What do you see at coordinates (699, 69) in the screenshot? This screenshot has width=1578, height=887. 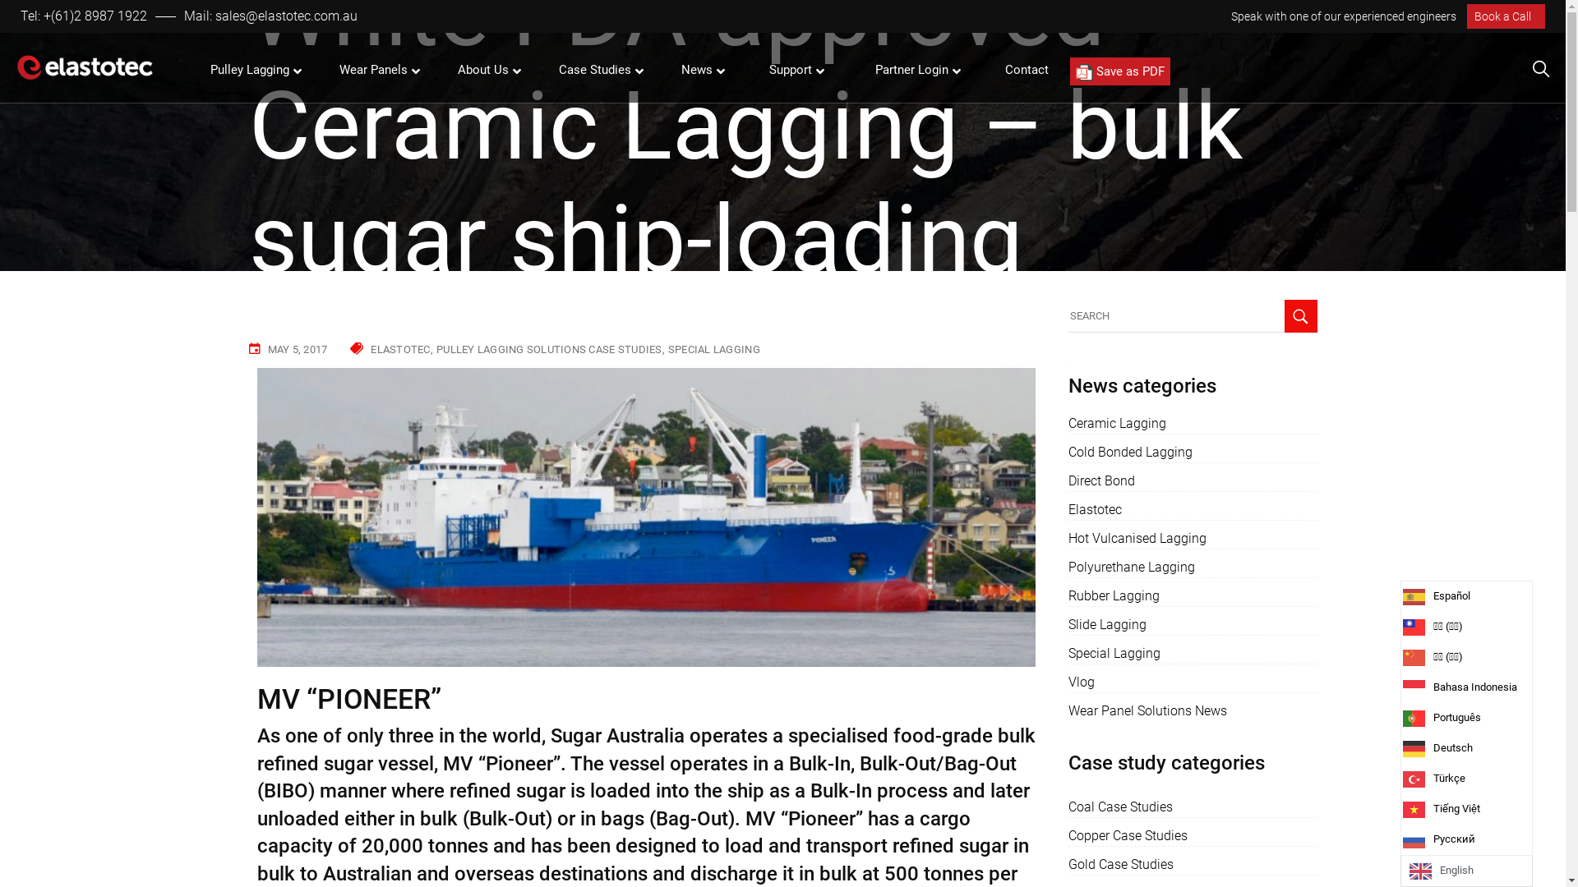 I see `'News'` at bounding box center [699, 69].